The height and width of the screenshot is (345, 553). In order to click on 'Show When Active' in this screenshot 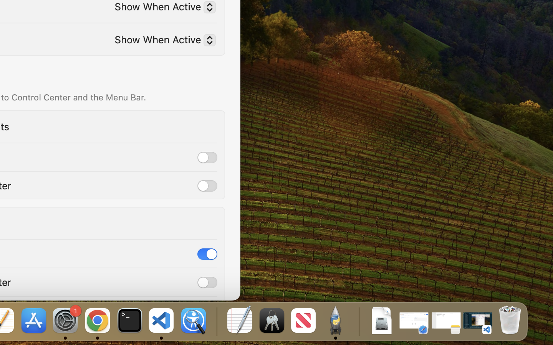, I will do `click(162, 41)`.